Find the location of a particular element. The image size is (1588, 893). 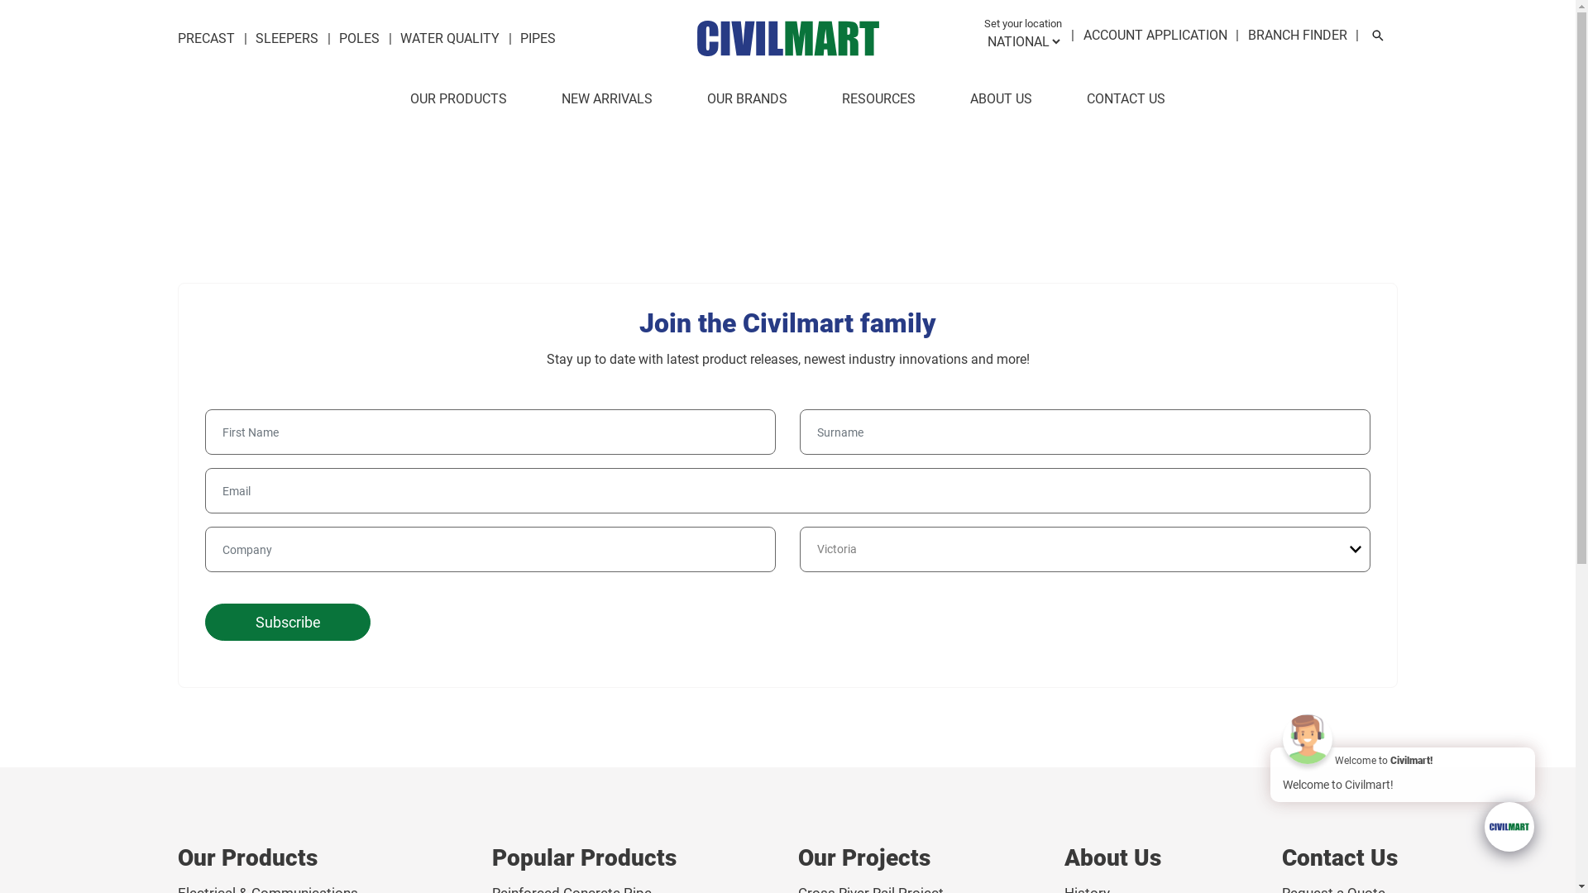

'OUR BRANDS' is located at coordinates (746, 100).